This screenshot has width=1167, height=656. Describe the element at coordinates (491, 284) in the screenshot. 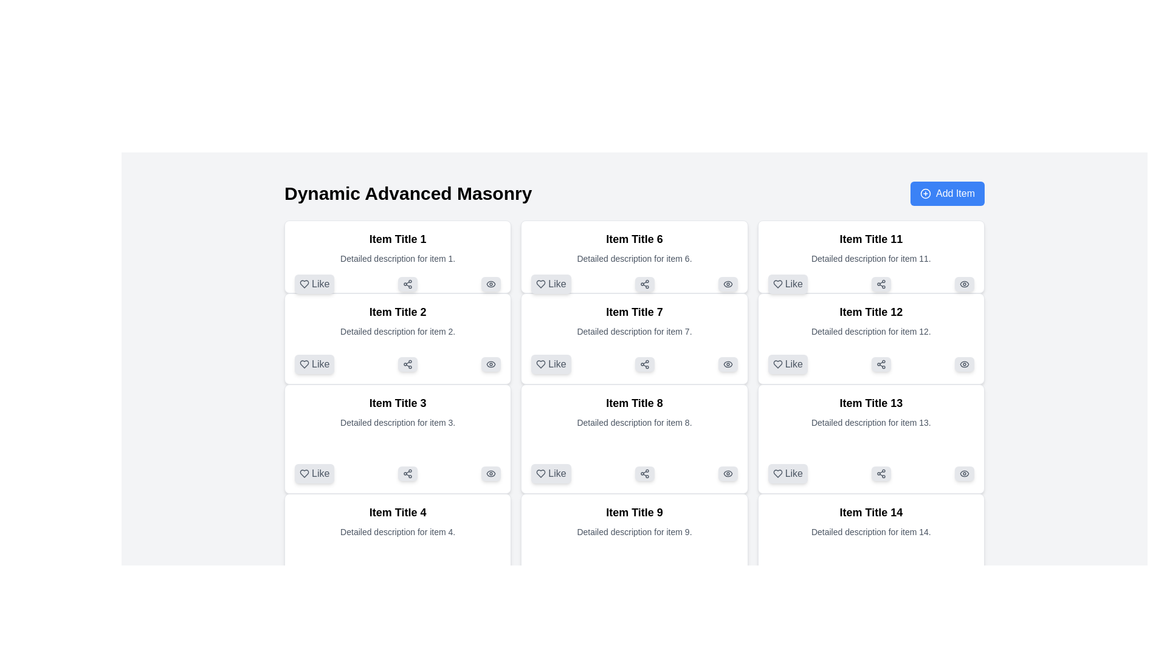

I see `the eye icon located at the lower right corner of the card labeled 'Item Title 1'` at that location.